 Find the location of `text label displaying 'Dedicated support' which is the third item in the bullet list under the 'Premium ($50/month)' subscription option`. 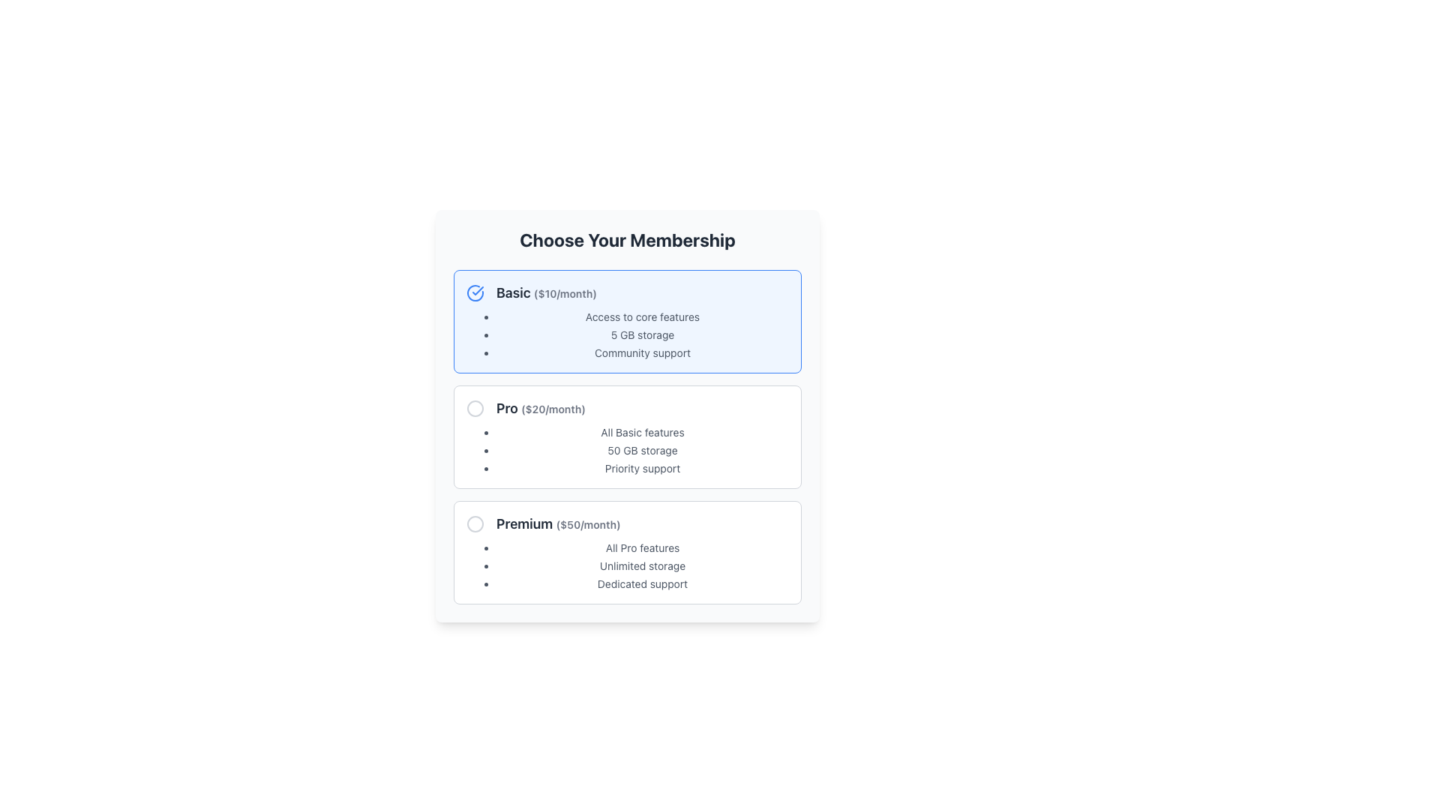

text label displaying 'Dedicated support' which is the third item in the bullet list under the 'Premium ($50/month)' subscription option is located at coordinates (643, 583).